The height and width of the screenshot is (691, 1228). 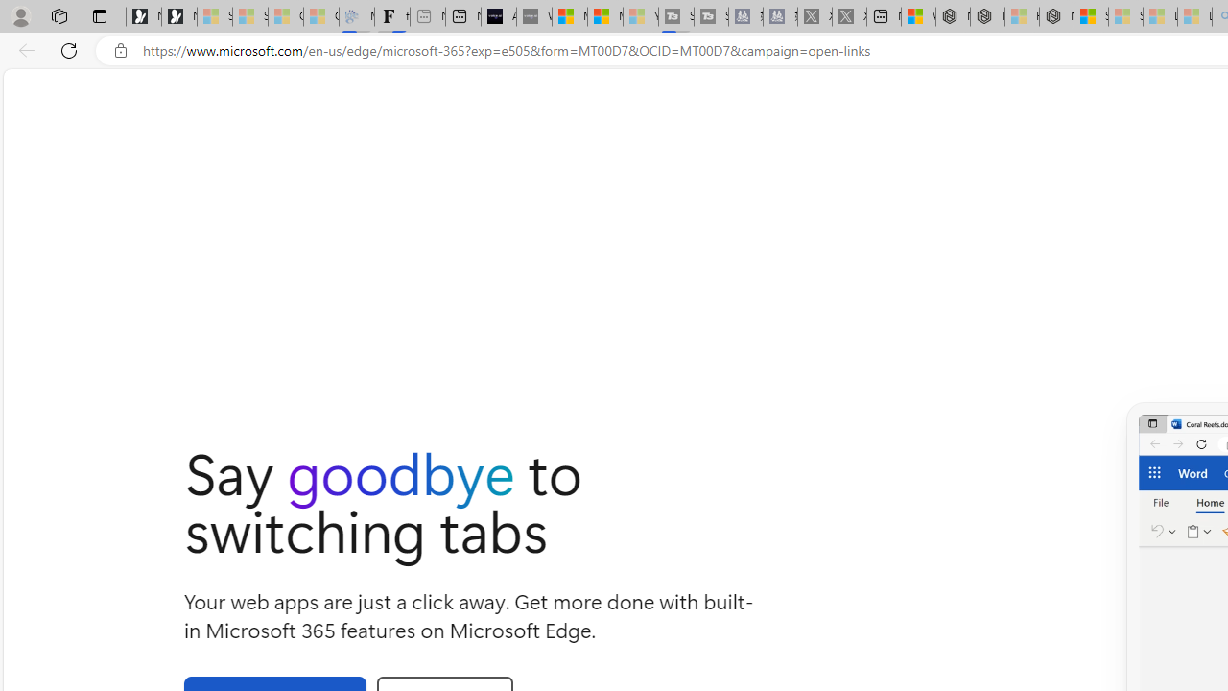 What do you see at coordinates (987, 16) in the screenshot?
I see `'Nordace - Summer Adventures 2024'` at bounding box center [987, 16].